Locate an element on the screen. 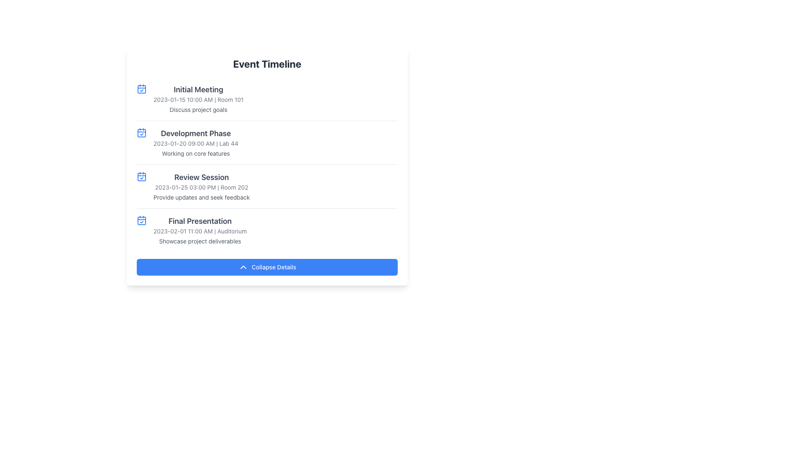 The width and height of the screenshot is (803, 451). the first Text Block in the 'Event Timeline' section that provides a summary of an event, including its title, scheduled time, venue, and a brief description is located at coordinates (198, 98).